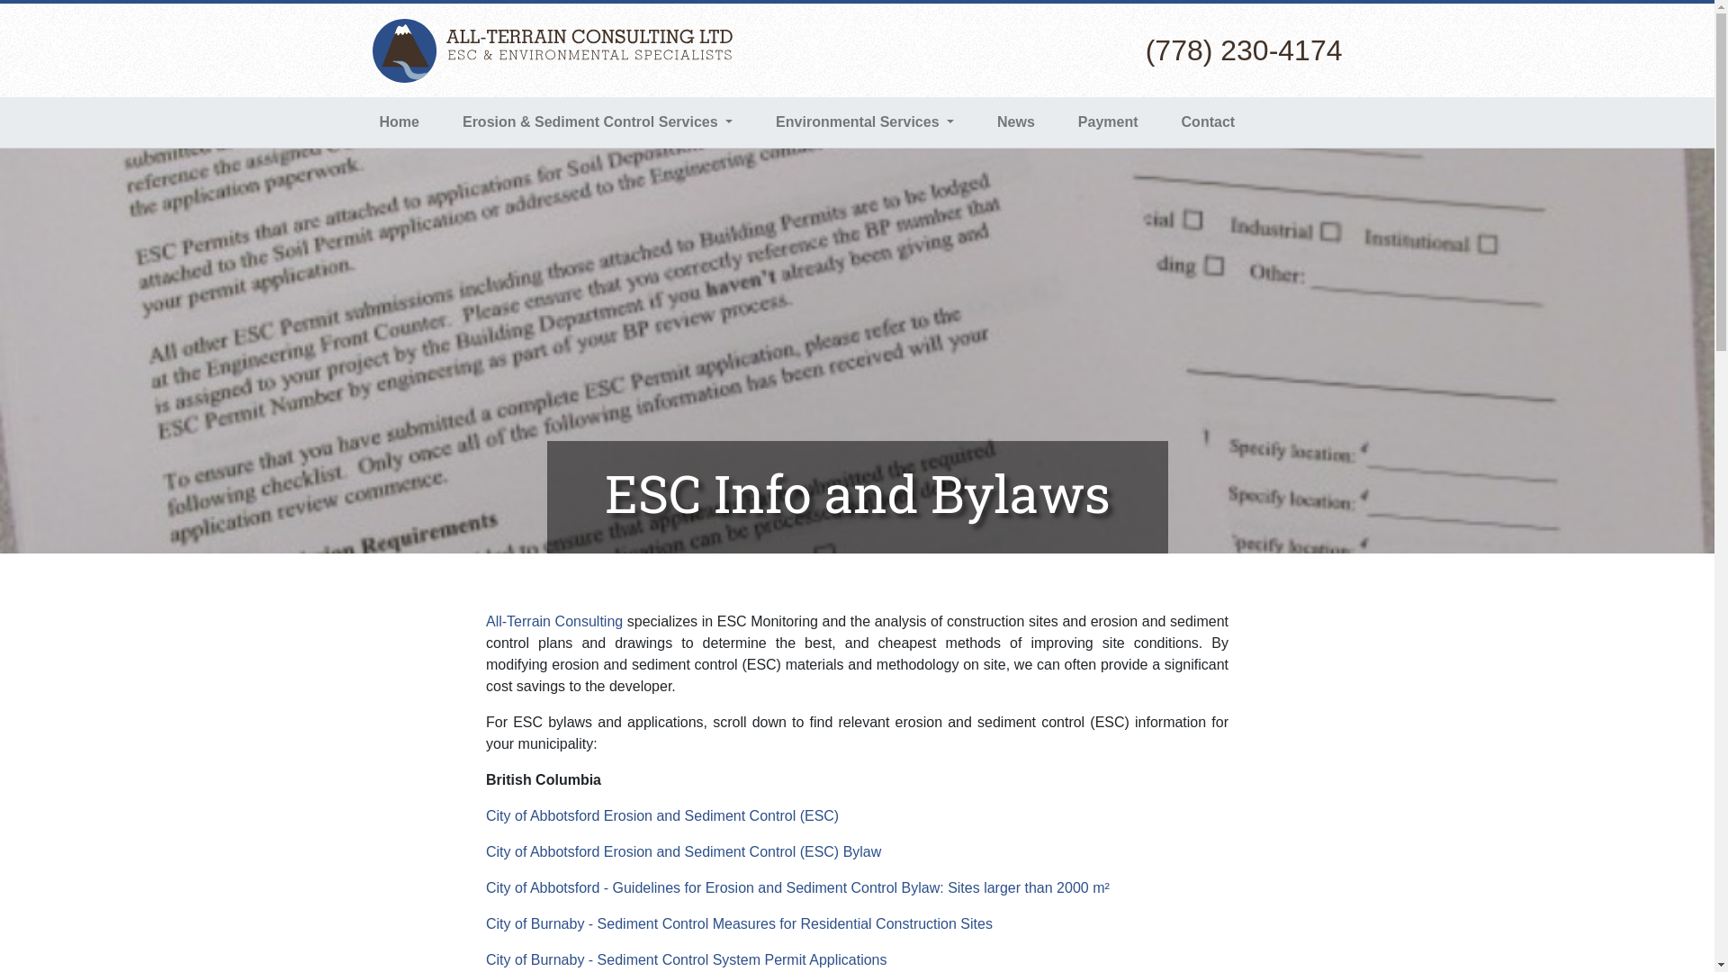 This screenshot has height=972, width=1728. Describe the element at coordinates (553, 620) in the screenshot. I see `'All-Terrain Consulting'` at that location.